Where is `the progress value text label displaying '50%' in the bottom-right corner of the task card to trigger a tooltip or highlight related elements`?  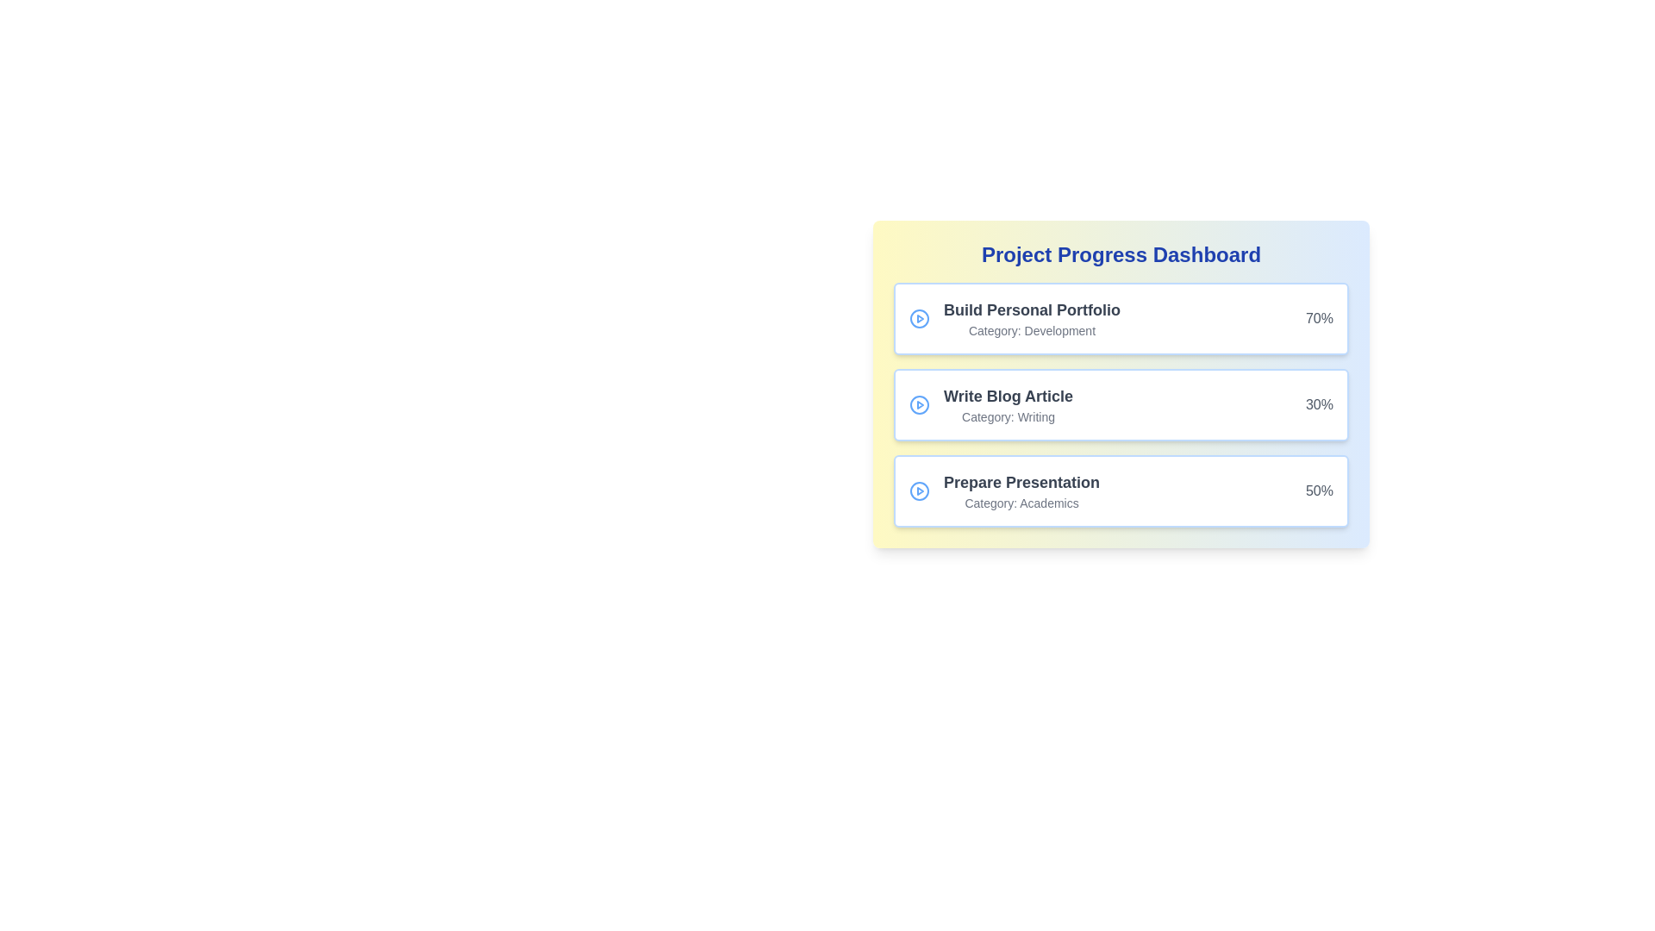 the progress value text label displaying '50%' in the bottom-right corner of the task card to trigger a tooltip or highlight related elements is located at coordinates (1319, 491).